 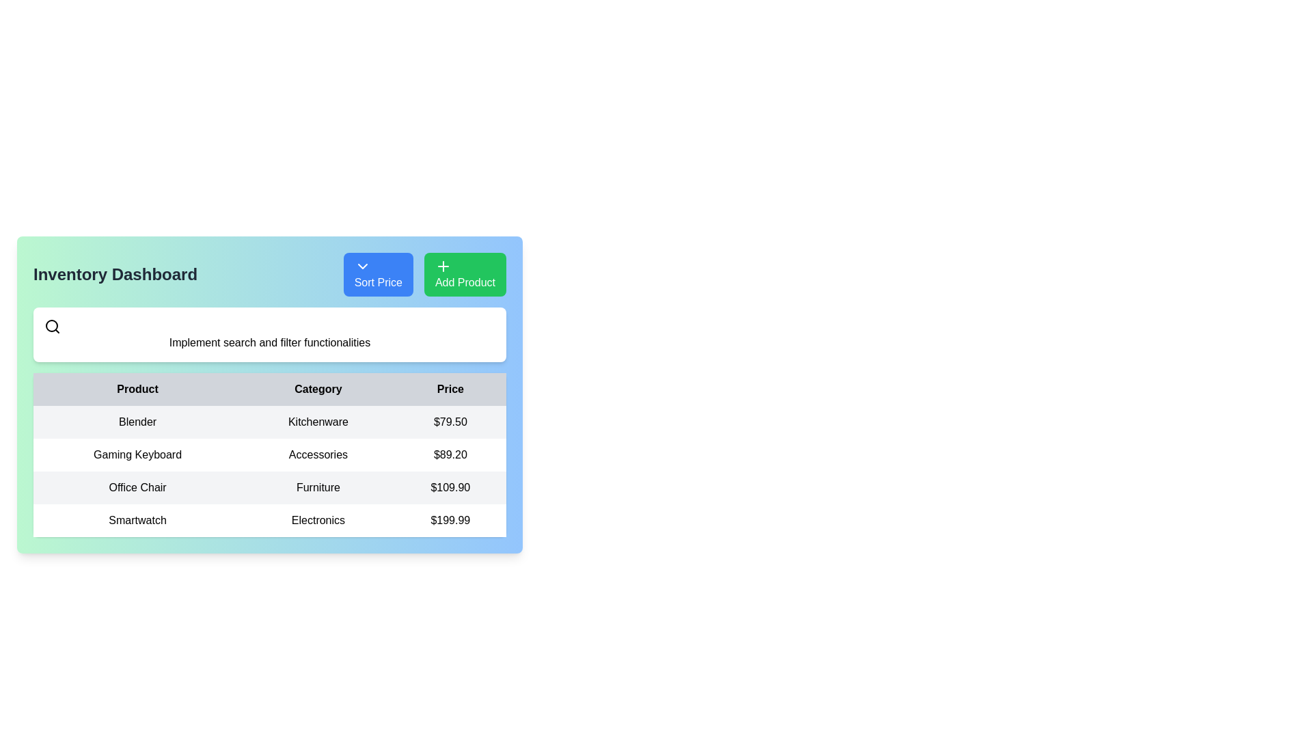 What do you see at coordinates (317, 521) in the screenshot?
I see `text from the 'Electronics' category label located in the 'Category' column of the product table, positioned between 'Smartwatch' and '$199.99'` at bounding box center [317, 521].